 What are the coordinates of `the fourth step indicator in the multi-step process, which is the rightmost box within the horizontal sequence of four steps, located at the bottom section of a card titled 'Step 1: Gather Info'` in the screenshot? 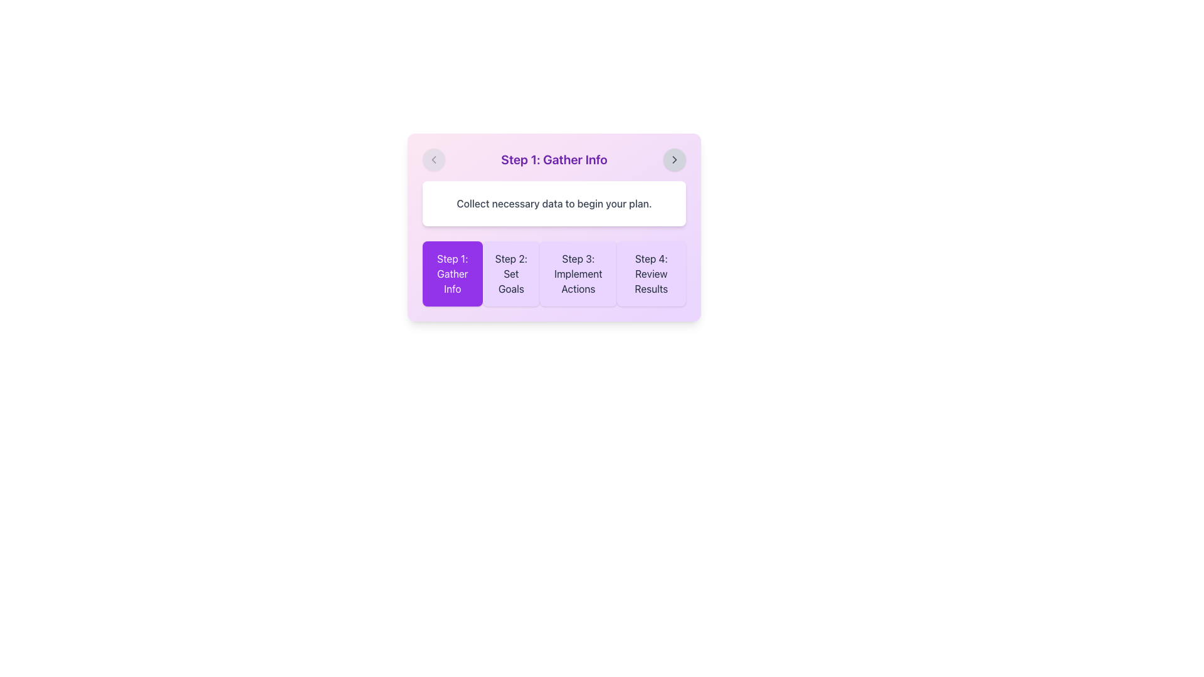 It's located at (651, 273).